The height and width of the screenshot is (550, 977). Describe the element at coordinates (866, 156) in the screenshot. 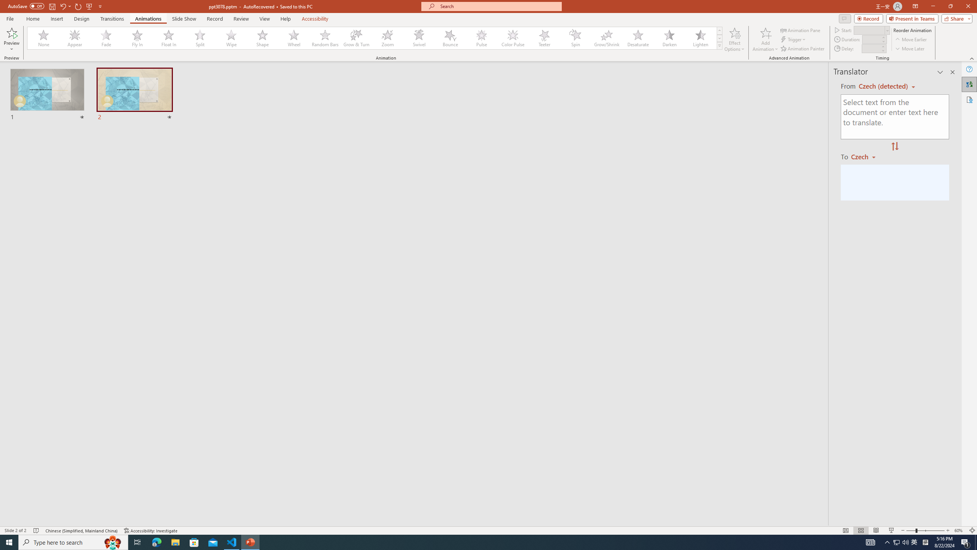

I see `'Czech'` at that location.